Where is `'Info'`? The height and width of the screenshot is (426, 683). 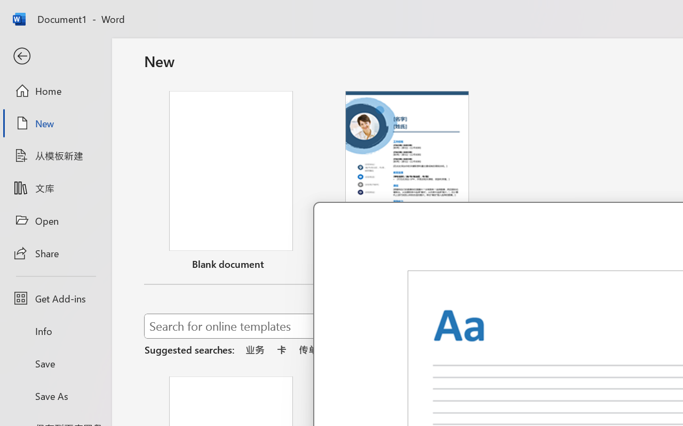 'Info' is located at coordinates (55, 331).